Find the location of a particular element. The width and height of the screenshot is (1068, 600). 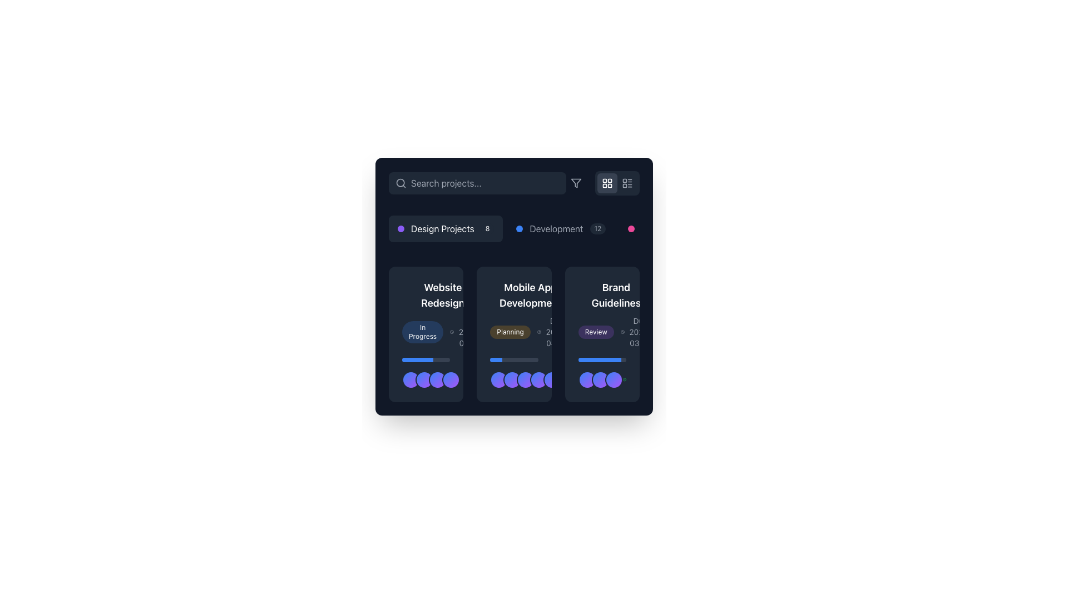

the icon-based button located at the top center of the interface, to the right of the search bar is located at coordinates (576, 183).